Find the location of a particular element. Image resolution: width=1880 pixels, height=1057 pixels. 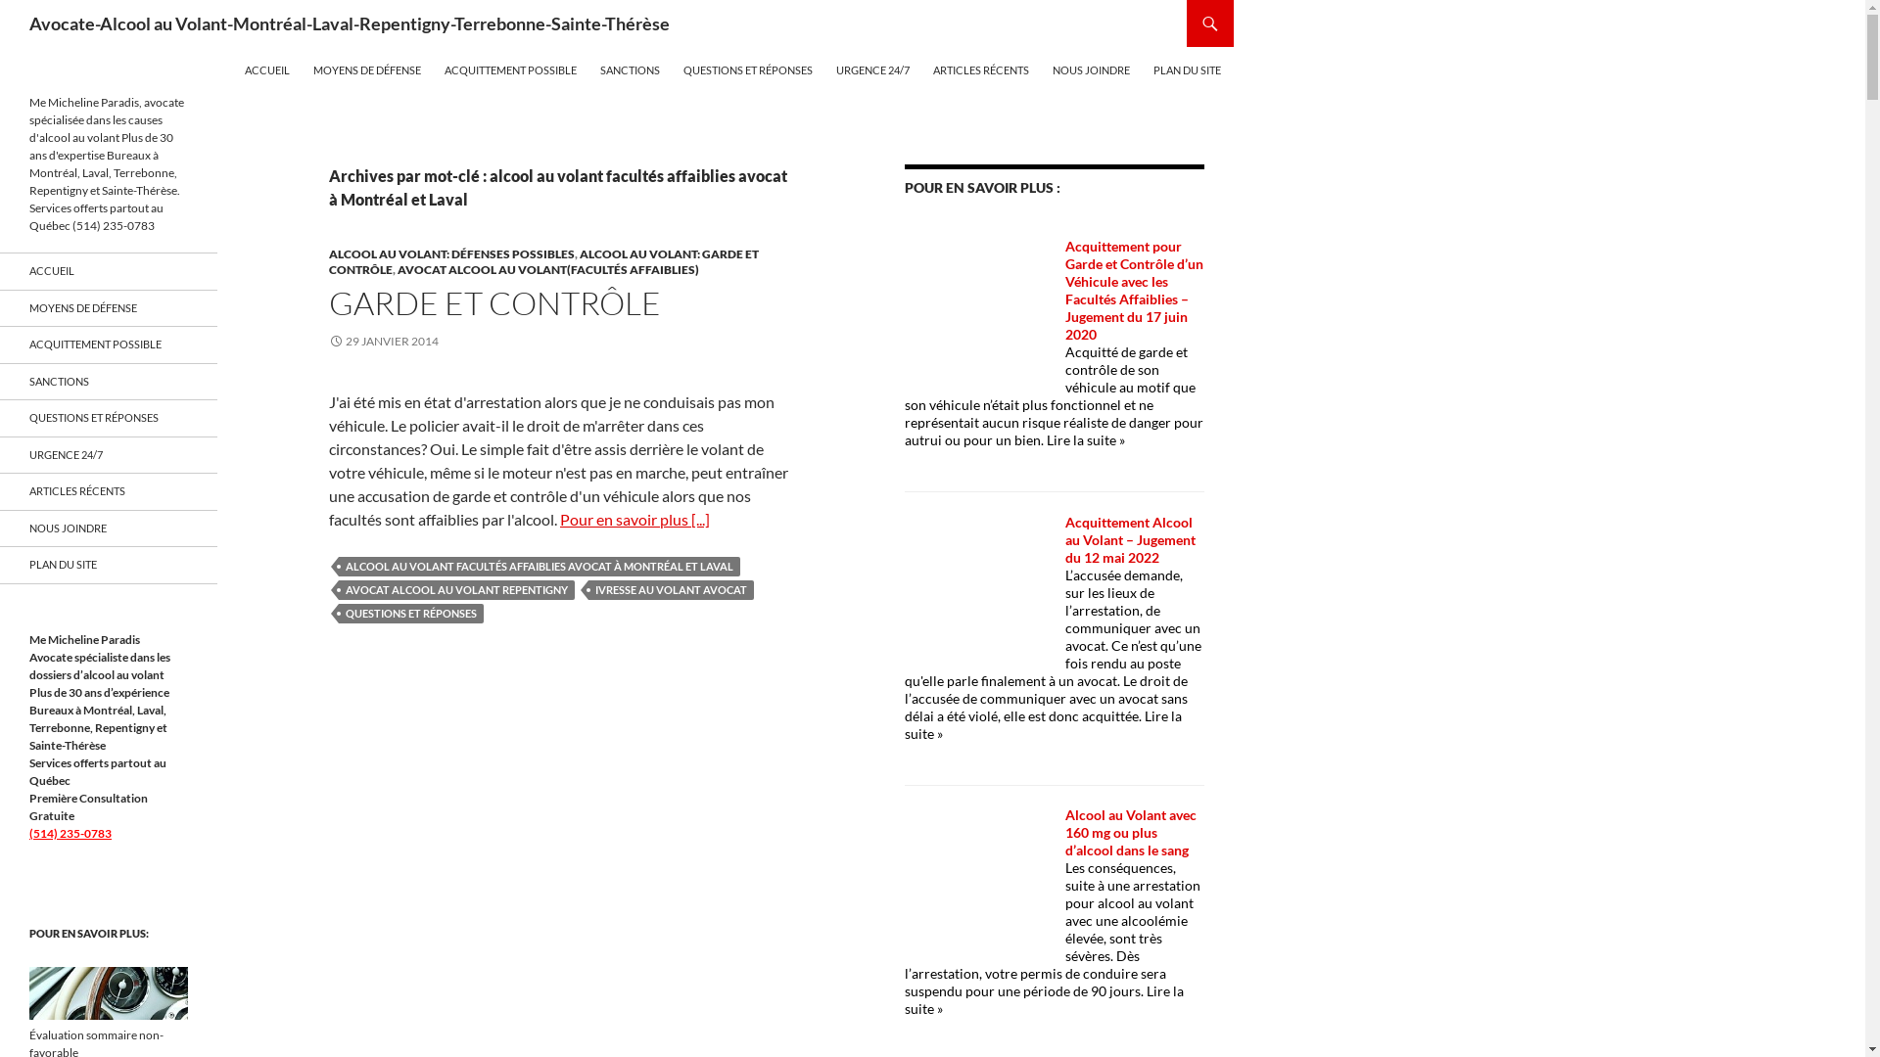

'IVRESSE AU VOLANT AVOCAT' is located at coordinates (671, 588).